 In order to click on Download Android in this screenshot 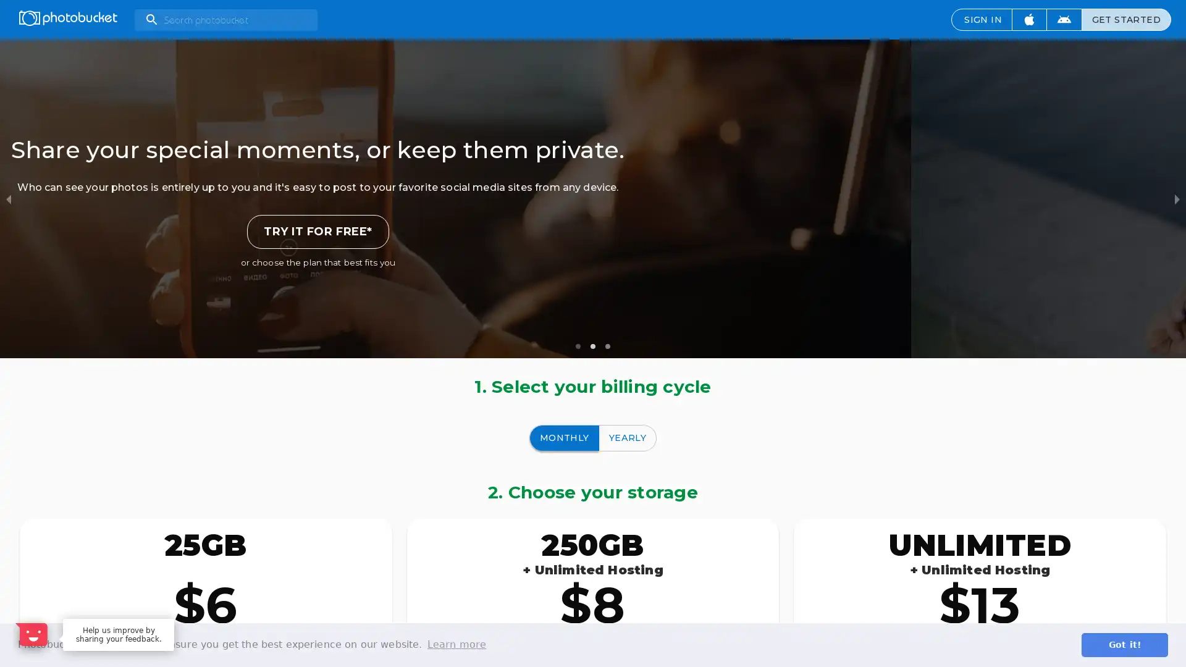, I will do `click(1063, 19)`.